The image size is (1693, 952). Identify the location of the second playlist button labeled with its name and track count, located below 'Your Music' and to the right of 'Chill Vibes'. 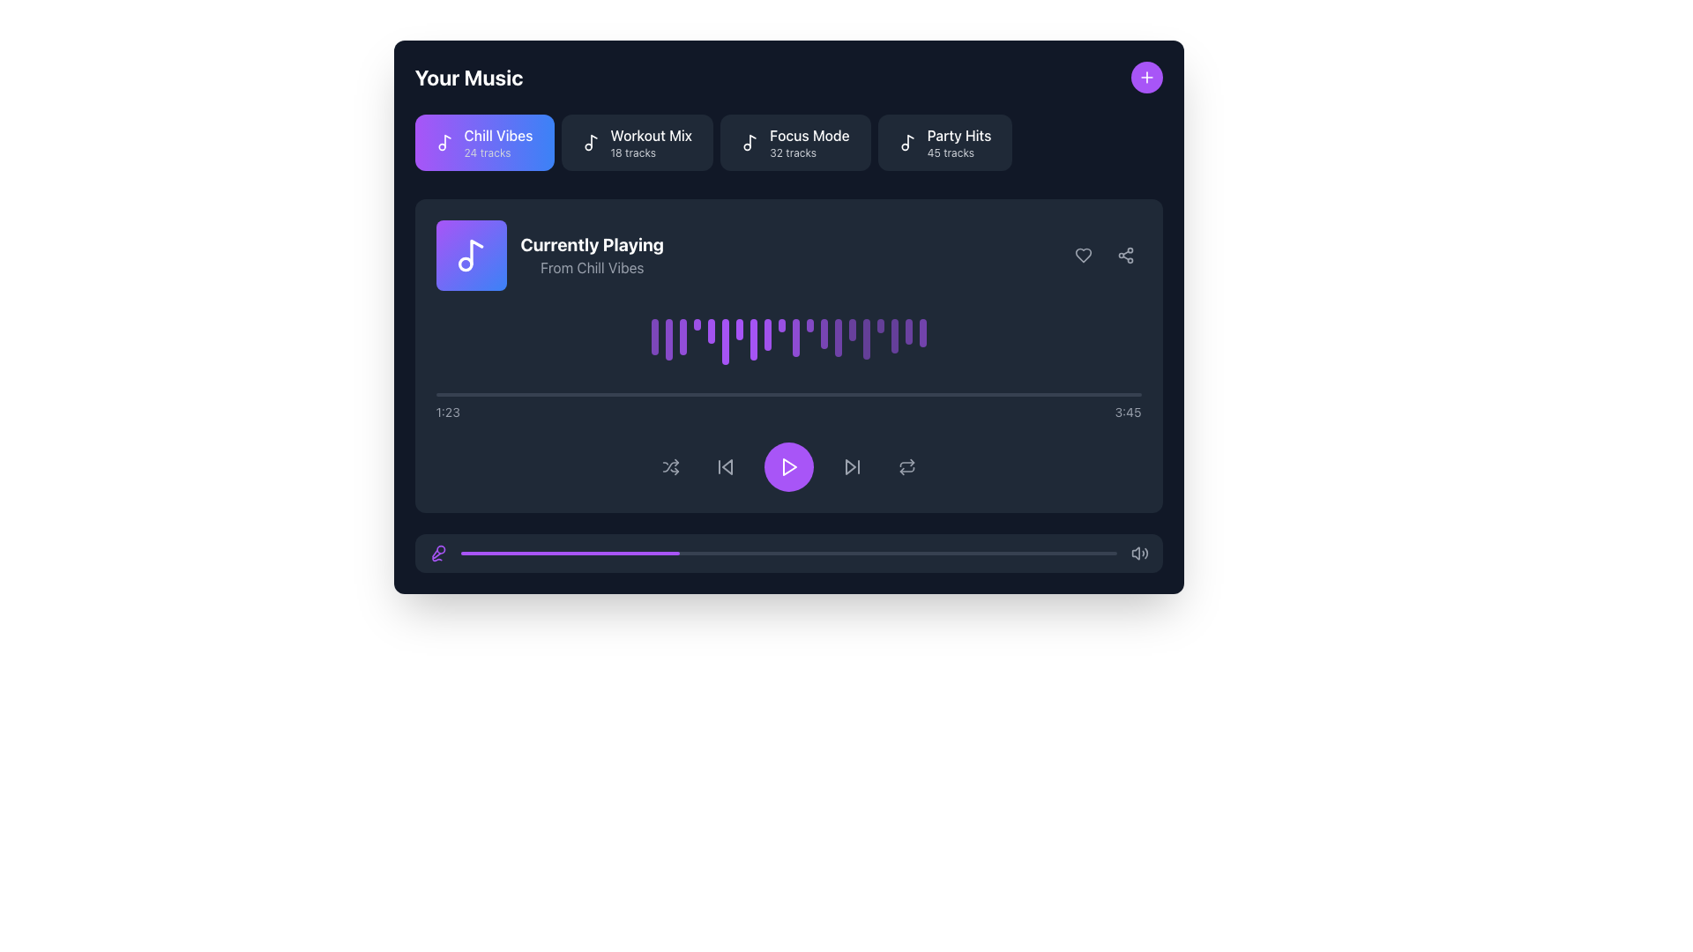
(650, 142).